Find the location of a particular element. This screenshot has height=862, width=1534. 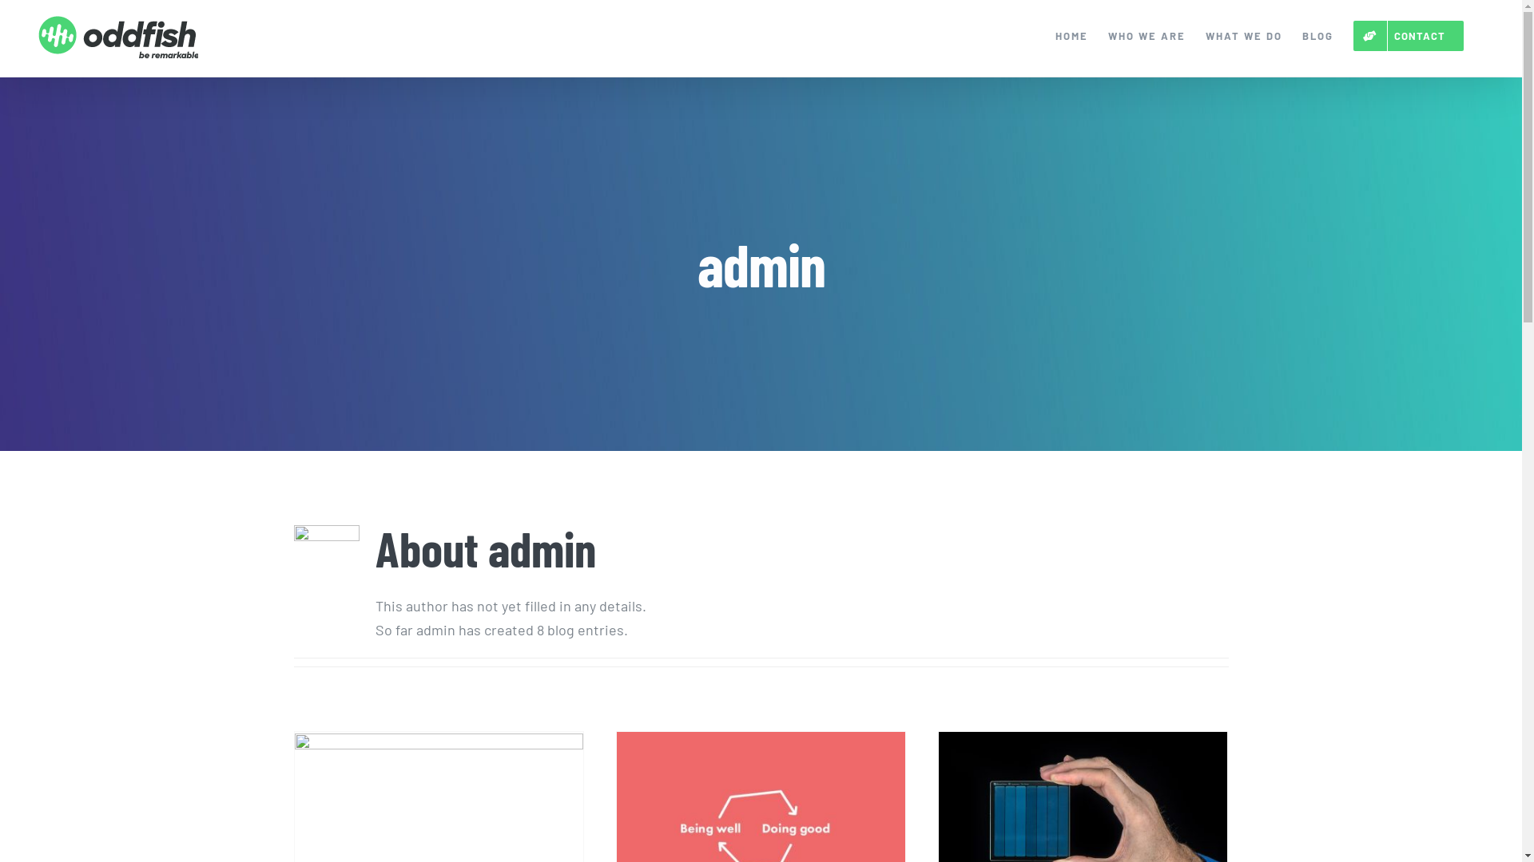

'WHAT WE DO' is located at coordinates (1242, 36).